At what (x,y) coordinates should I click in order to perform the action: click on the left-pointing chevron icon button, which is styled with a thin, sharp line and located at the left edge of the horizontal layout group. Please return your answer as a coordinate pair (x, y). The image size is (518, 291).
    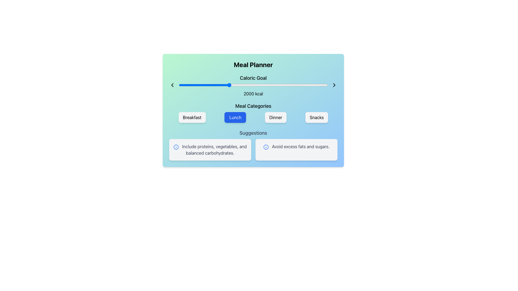
    Looking at the image, I should click on (172, 85).